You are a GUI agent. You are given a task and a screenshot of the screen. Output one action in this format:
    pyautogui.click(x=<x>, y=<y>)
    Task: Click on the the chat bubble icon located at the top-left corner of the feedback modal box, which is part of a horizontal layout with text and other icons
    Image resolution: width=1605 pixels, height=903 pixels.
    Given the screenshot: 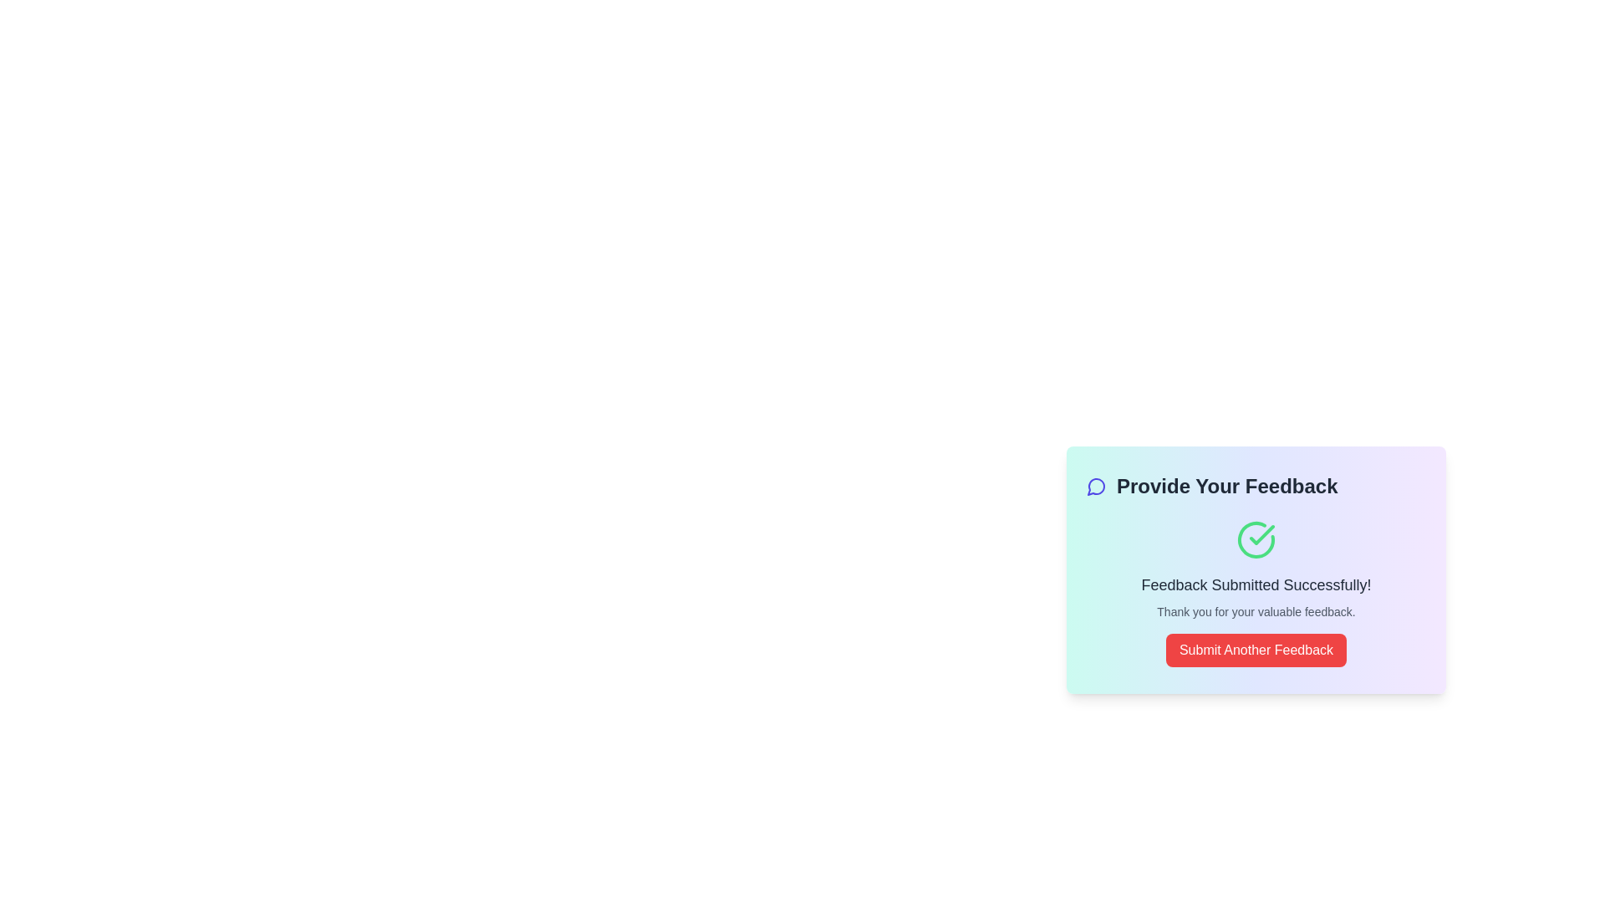 What is the action you would take?
    pyautogui.click(x=1096, y=487)
    